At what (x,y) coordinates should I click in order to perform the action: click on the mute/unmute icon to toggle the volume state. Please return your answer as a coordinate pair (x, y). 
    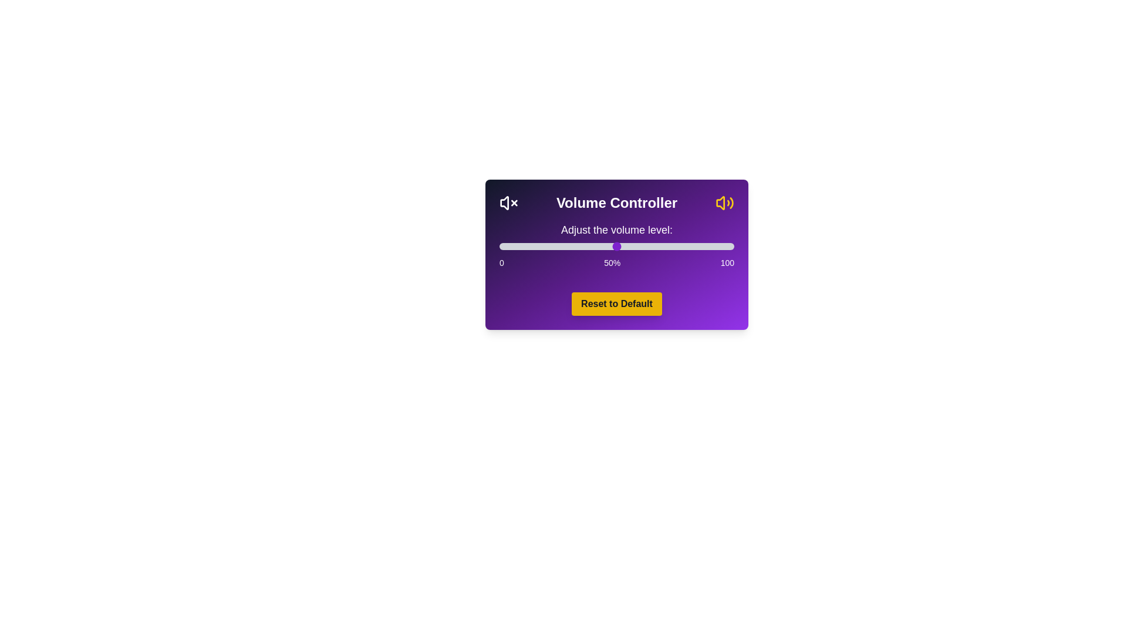
    Looking at the image, I should click on (509, 203).